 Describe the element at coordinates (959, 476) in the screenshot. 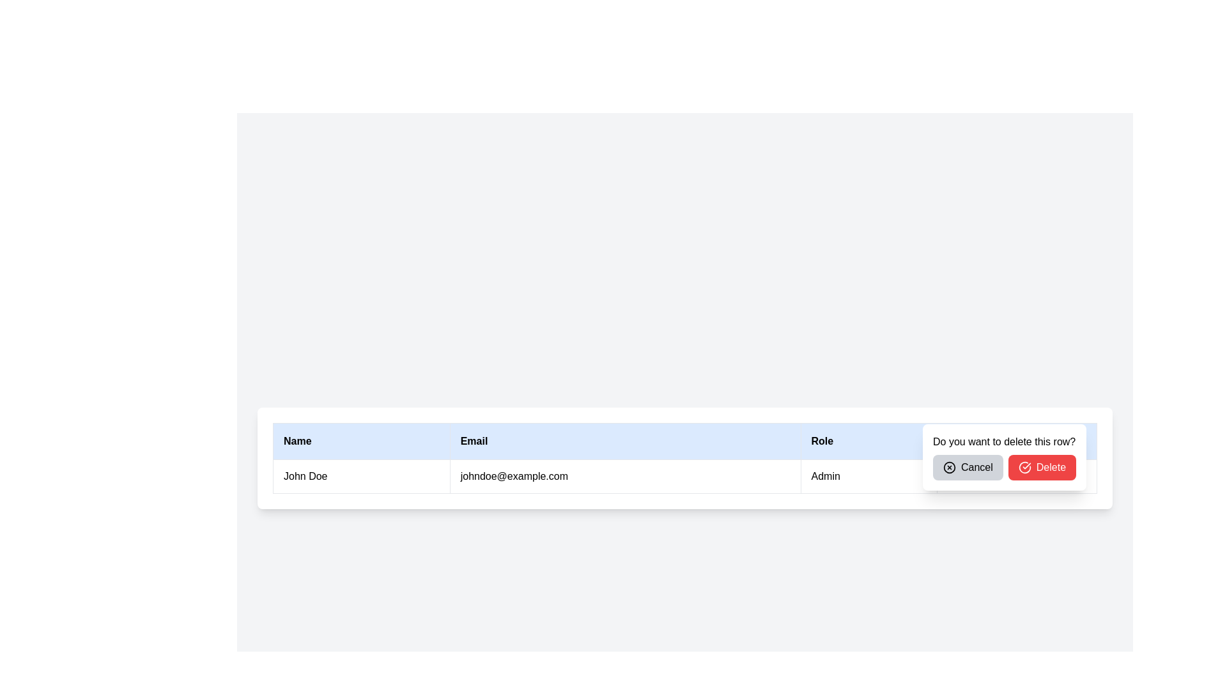

I see `the icon representing a vertical ellipsis located in the top right of the confirmation dialog box` at that location.